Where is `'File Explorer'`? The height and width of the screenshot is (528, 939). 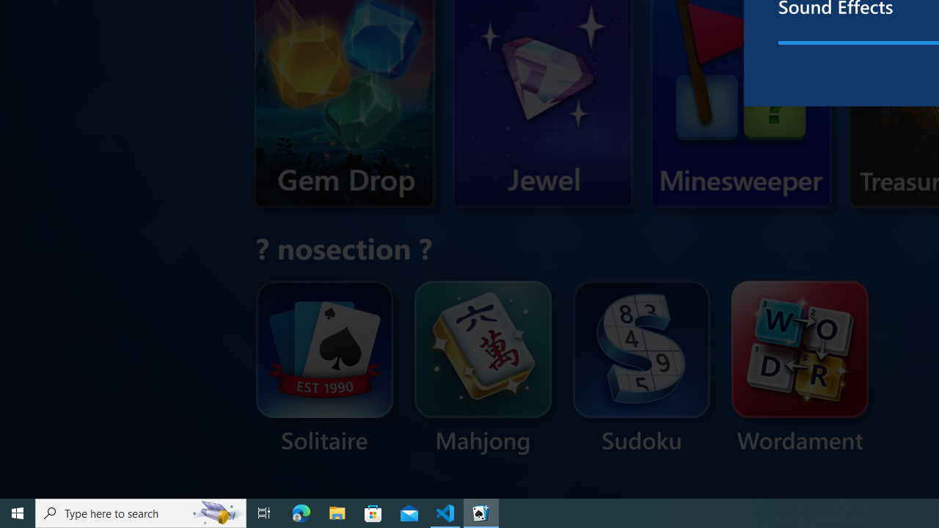 'File Explorer' is located at coordinates (337, 512).